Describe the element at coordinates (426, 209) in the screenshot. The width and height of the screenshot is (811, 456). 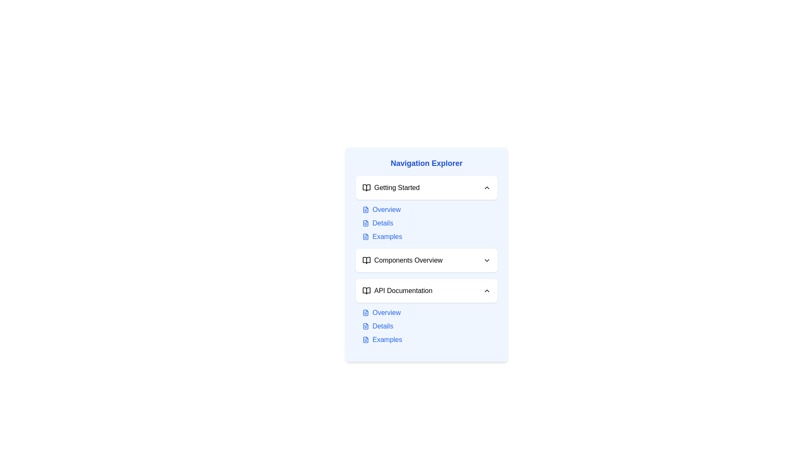
I see `the 'Getting Started' collapsible panel links` at that location.